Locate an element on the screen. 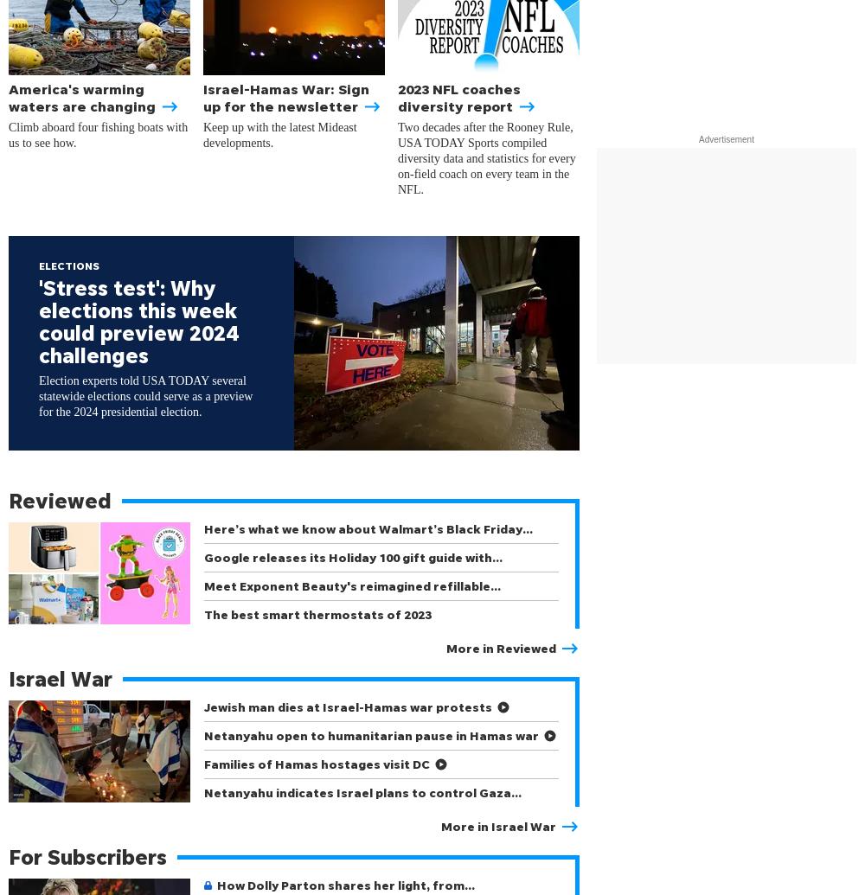 The width and height of the screenshot is (865, 895). 'Here’s what we know about Walmart’s Black Friday…' is located at coordinates (368, 527).